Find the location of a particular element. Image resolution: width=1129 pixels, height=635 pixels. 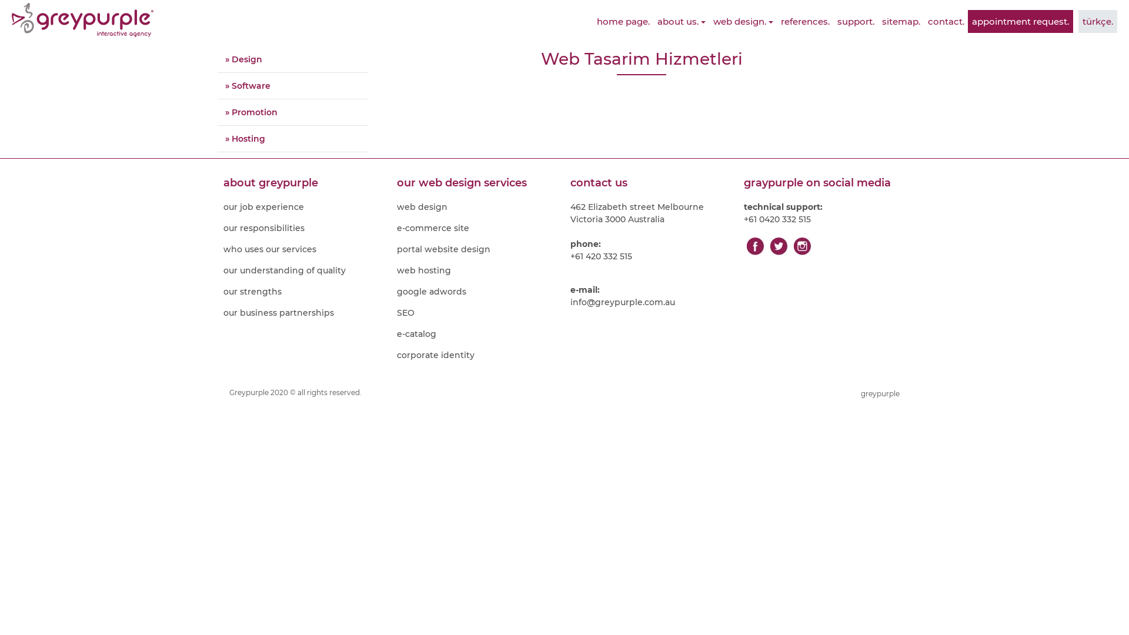

'our business partnerships' is located at coordinates (223, 312).